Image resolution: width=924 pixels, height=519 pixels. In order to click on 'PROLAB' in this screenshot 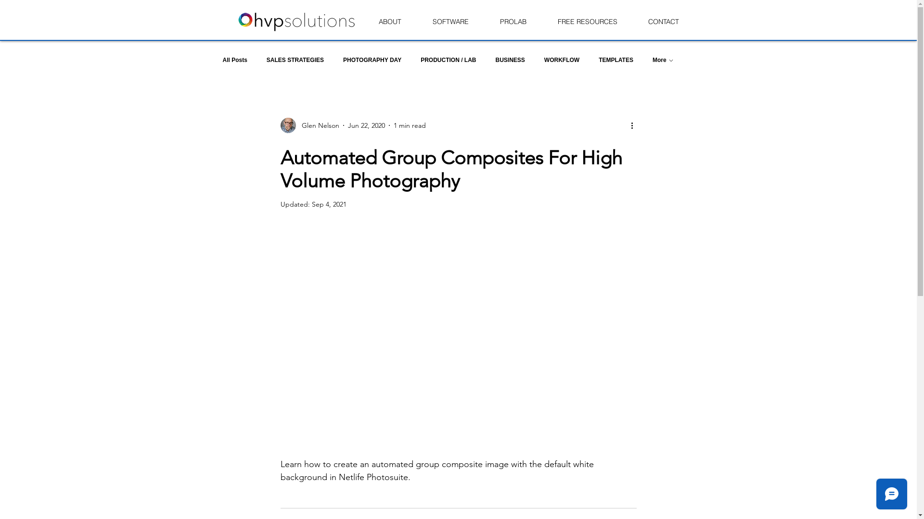, I will do `click(512, 22)`.